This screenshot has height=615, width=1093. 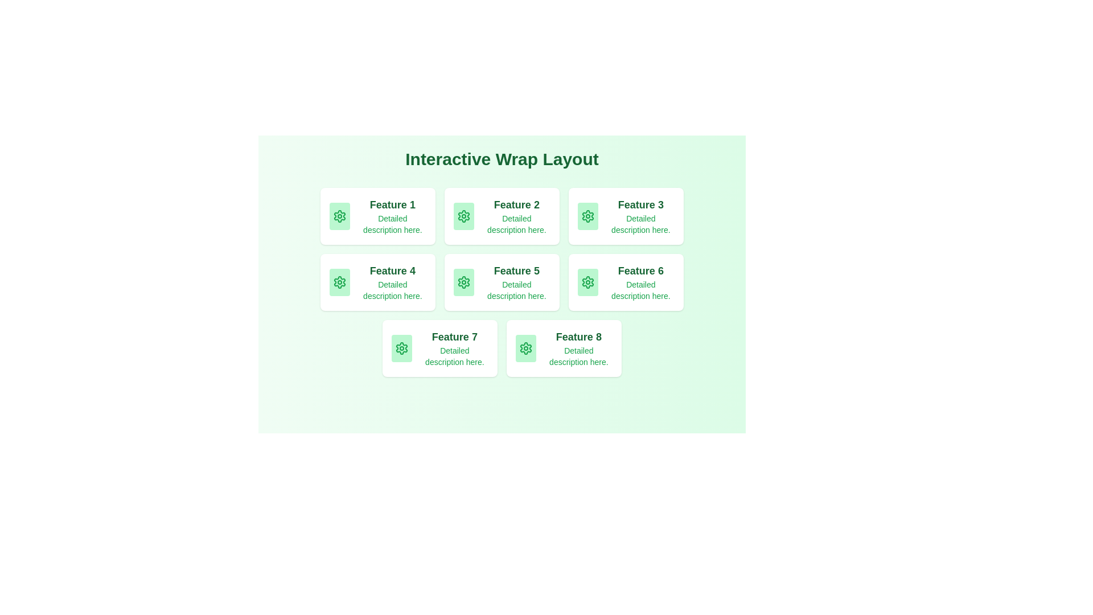 I want to click on the Text label located in the top-right section of the grid layout, which serves as a title for the feature and is positioned above the descriptive text, so click(x=640, y=204).